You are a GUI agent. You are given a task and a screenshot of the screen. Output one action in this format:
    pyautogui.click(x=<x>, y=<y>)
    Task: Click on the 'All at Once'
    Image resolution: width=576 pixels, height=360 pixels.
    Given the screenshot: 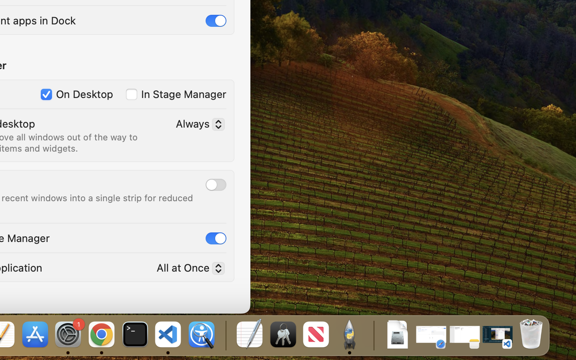 What is the action you would take?
    pyautogui.click(x=187, y=269)
    